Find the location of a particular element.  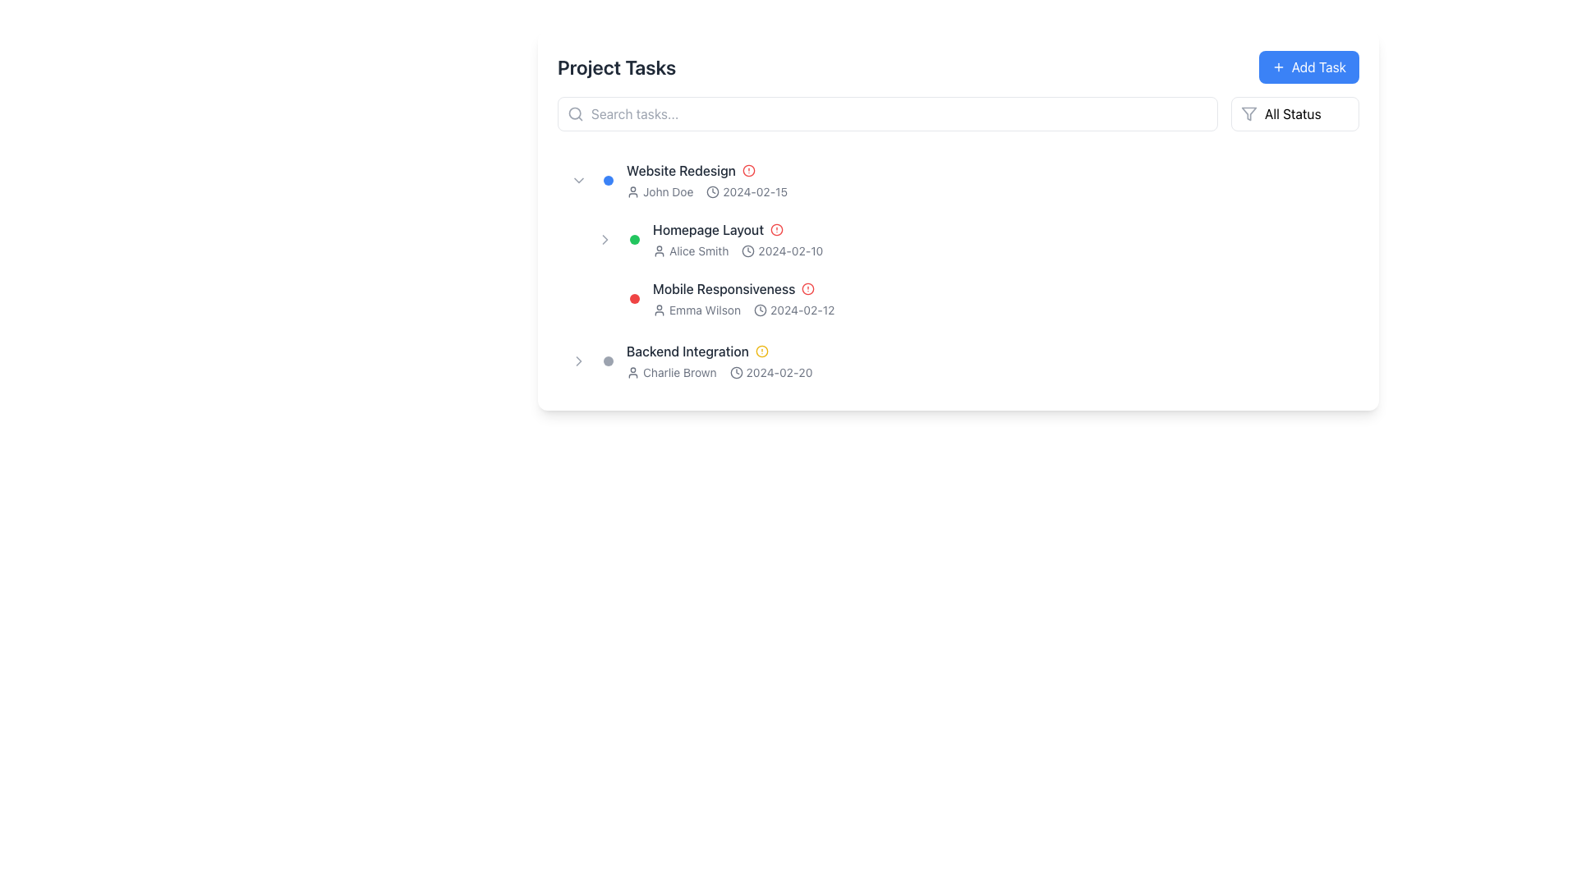

the small circular green indicator that symbolizes status or completion, located directly to the left of the text 'Homepage Layout' within the task list is located at coordinates (633, 240).